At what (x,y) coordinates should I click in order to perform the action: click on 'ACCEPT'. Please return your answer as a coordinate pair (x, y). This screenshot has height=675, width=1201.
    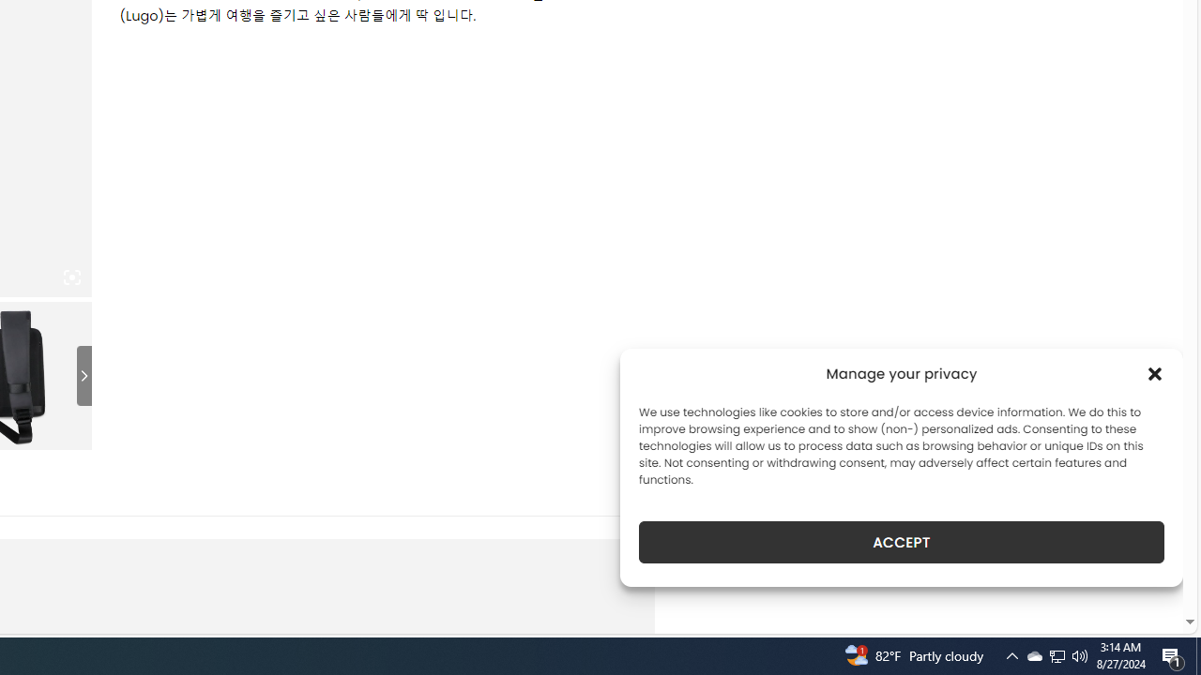
    Looking at the image, I should click on (902, 542).